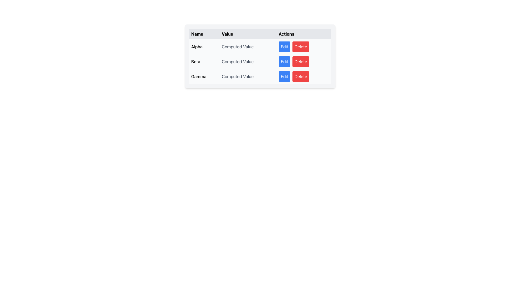 The height and width of the screenshot is (287, 510). I want to click on the 'Computed Value' text display located in the second column under the 'Value' header in the row labeled 'Gamma' of the table, so click(248, 77).